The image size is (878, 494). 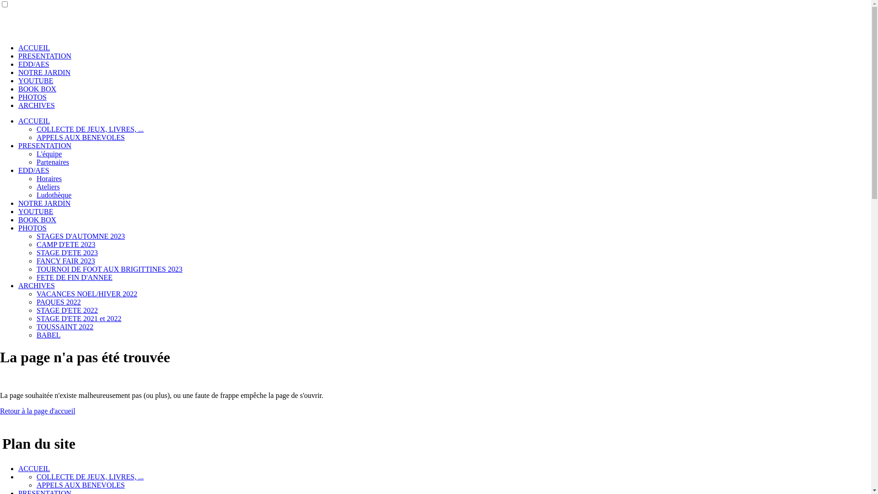 I want to click on 'ACCUEIL', so click(x=34, y=468).